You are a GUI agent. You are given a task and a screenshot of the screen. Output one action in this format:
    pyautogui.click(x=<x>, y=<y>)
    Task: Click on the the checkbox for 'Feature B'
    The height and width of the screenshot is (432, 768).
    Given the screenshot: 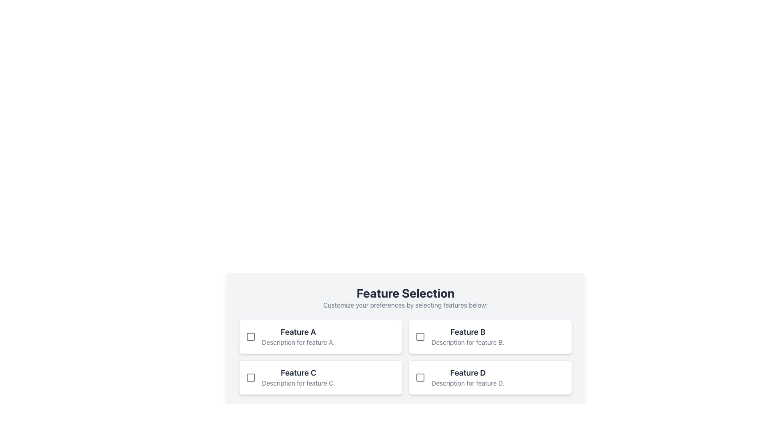 What is the action you would take?
    pyautogui.click(x=420, y=336)
    